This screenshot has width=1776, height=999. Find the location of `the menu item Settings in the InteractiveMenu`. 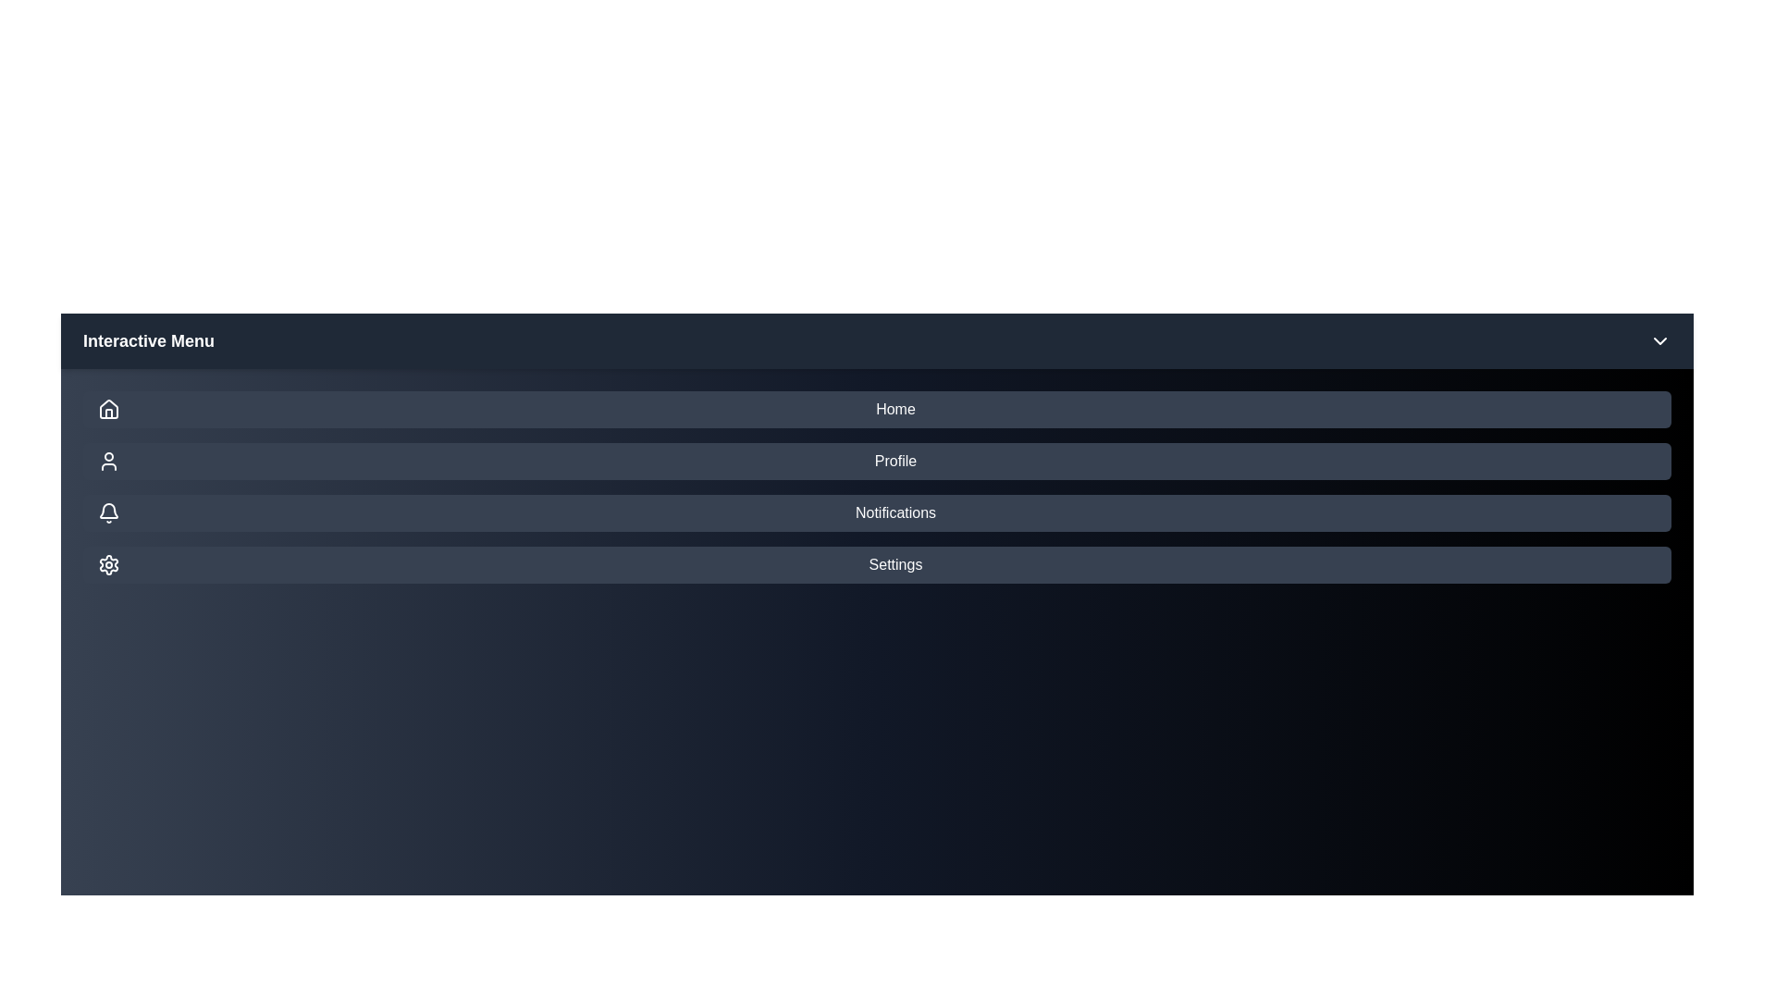

the menu item Settings in the InteractiveMenu is located at coordinates (876, 563).